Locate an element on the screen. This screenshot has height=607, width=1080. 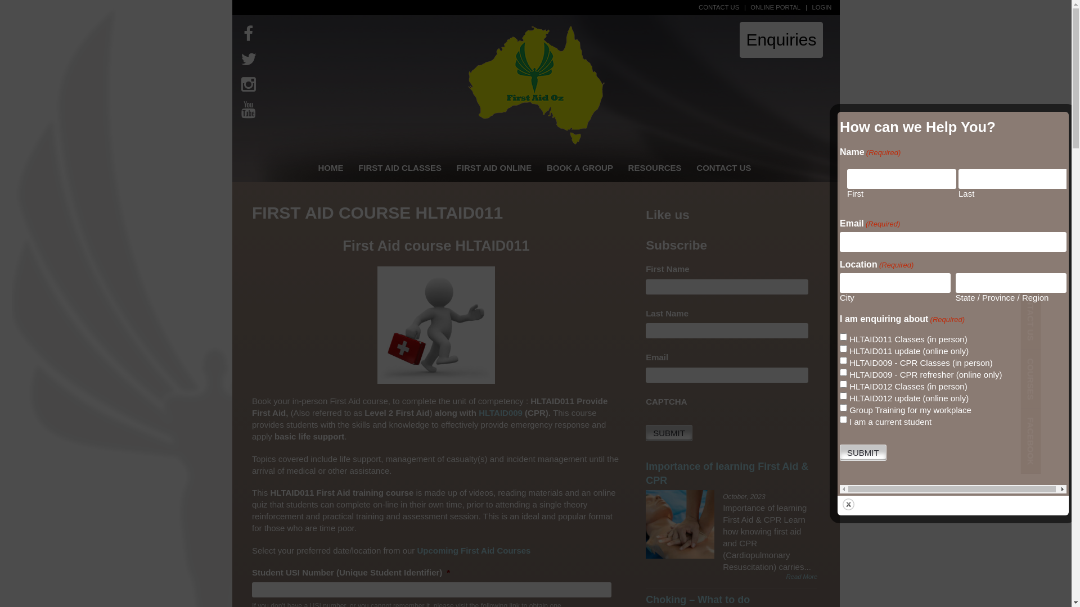
'FIRST AID ONLINE' is located at coordinates (494, 167).